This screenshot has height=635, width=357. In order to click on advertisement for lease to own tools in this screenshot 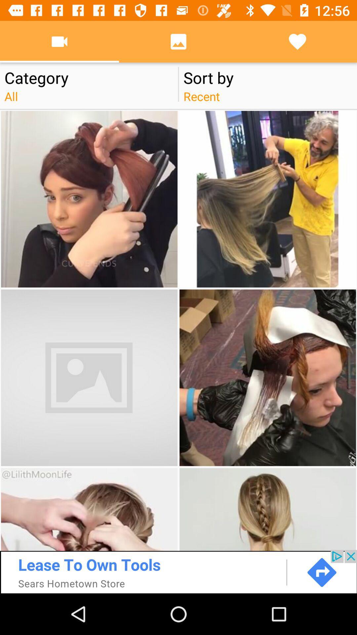, I will do `click(178, 571)`.